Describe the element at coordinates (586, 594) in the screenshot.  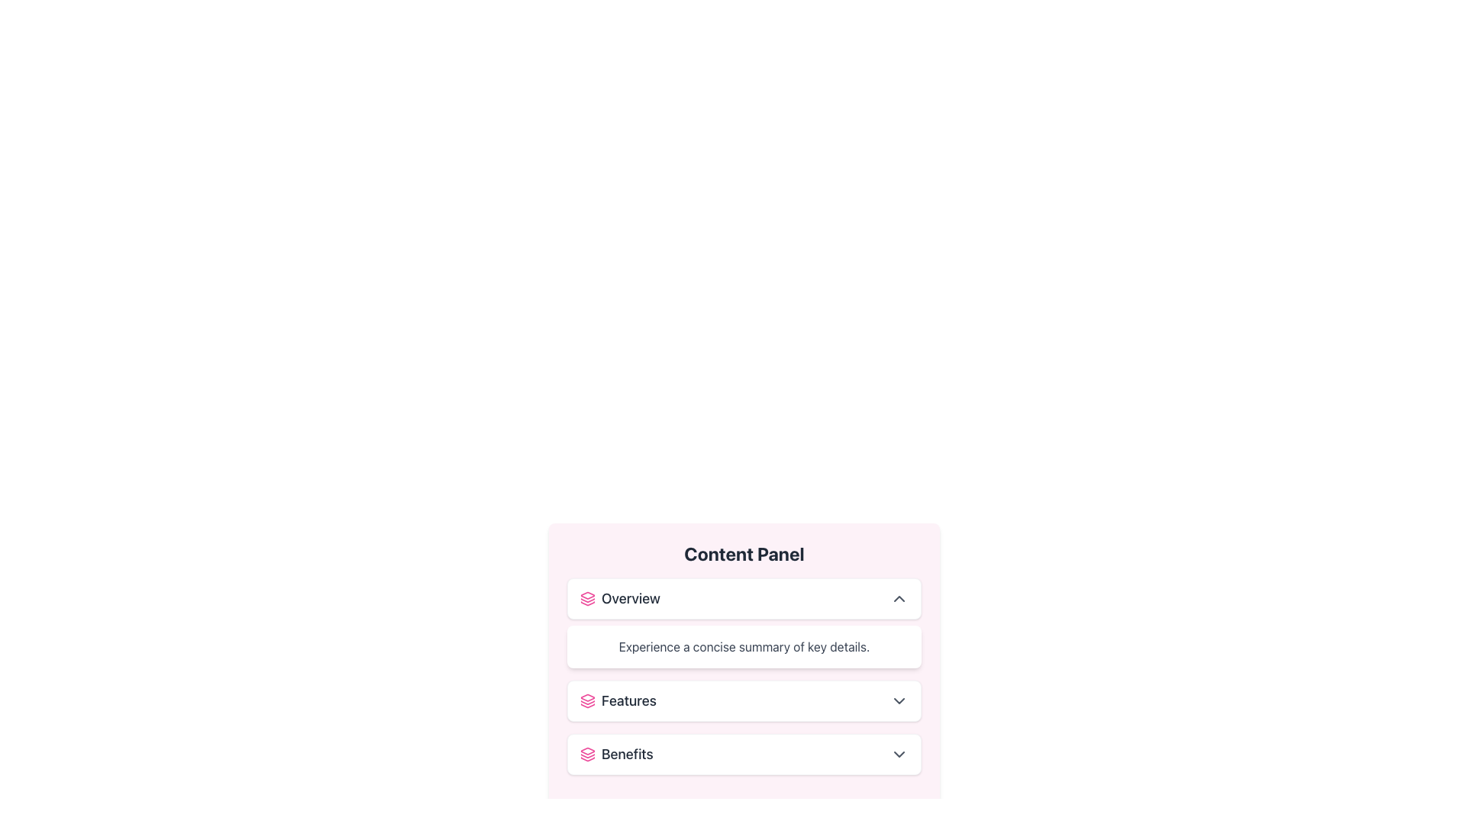
I see `the SVG-based icon representing the 'Overview' section, which is located at the topmost part of the vertical list in the panel` at that location.